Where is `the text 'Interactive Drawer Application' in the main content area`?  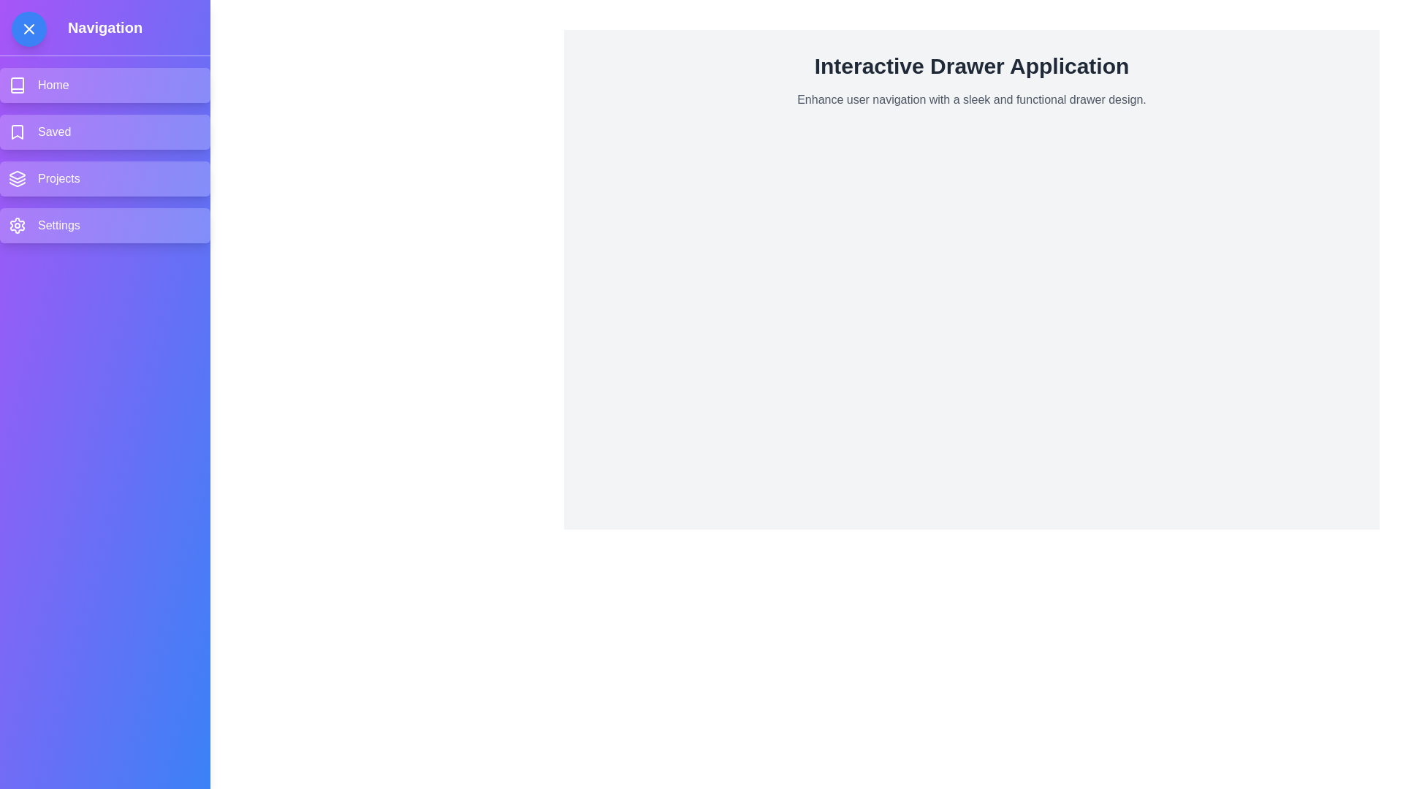 the text 'Interactive Drawer Application' in the main content area is located at coordinates (971, 66).